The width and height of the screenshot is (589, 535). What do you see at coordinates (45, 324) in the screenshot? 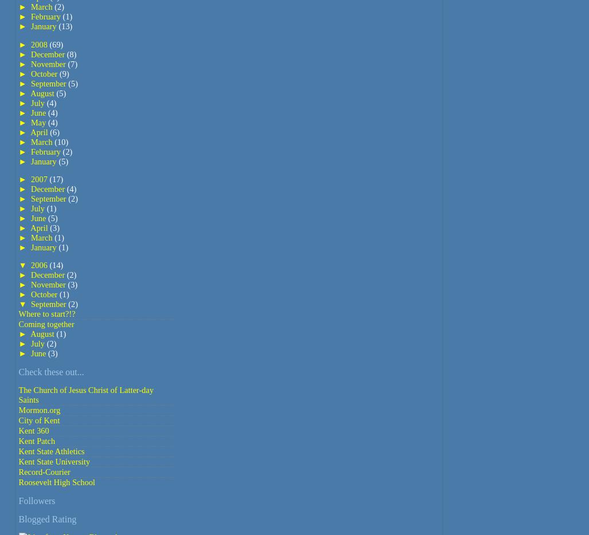
I see `'Coming together'` at bounding box center [45, 324].